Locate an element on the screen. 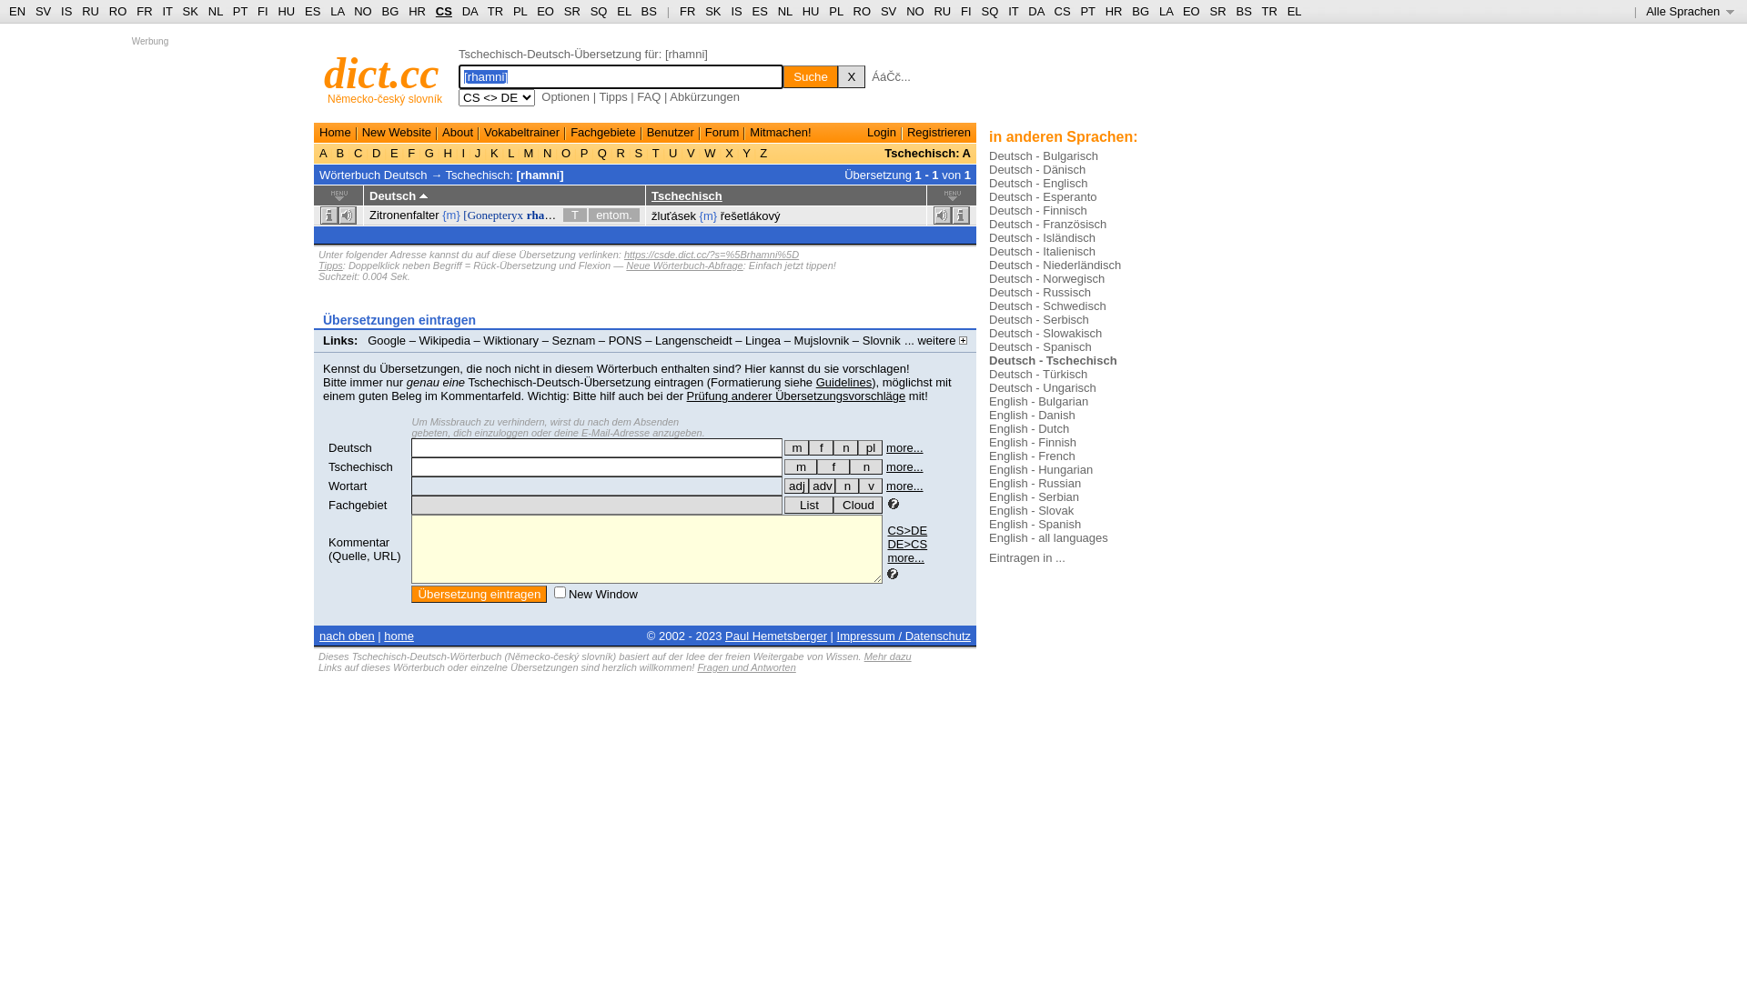 The width and height of the screenshot is (1747, 982). 'T' is located at coordinates (574, 214).